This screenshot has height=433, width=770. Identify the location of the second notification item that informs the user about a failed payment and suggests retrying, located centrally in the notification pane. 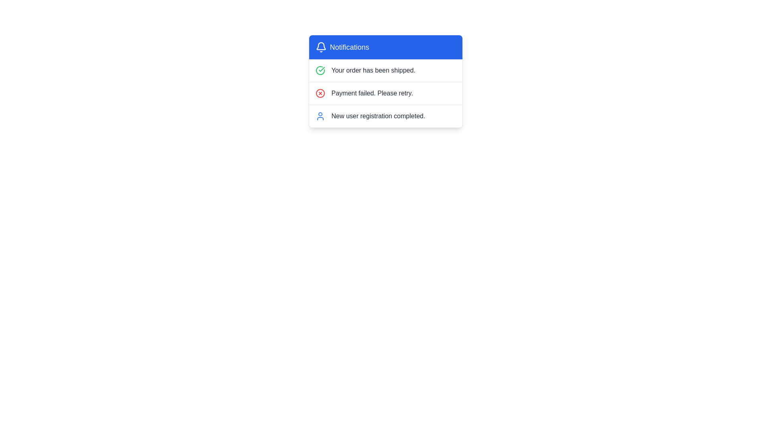
(385, 93).